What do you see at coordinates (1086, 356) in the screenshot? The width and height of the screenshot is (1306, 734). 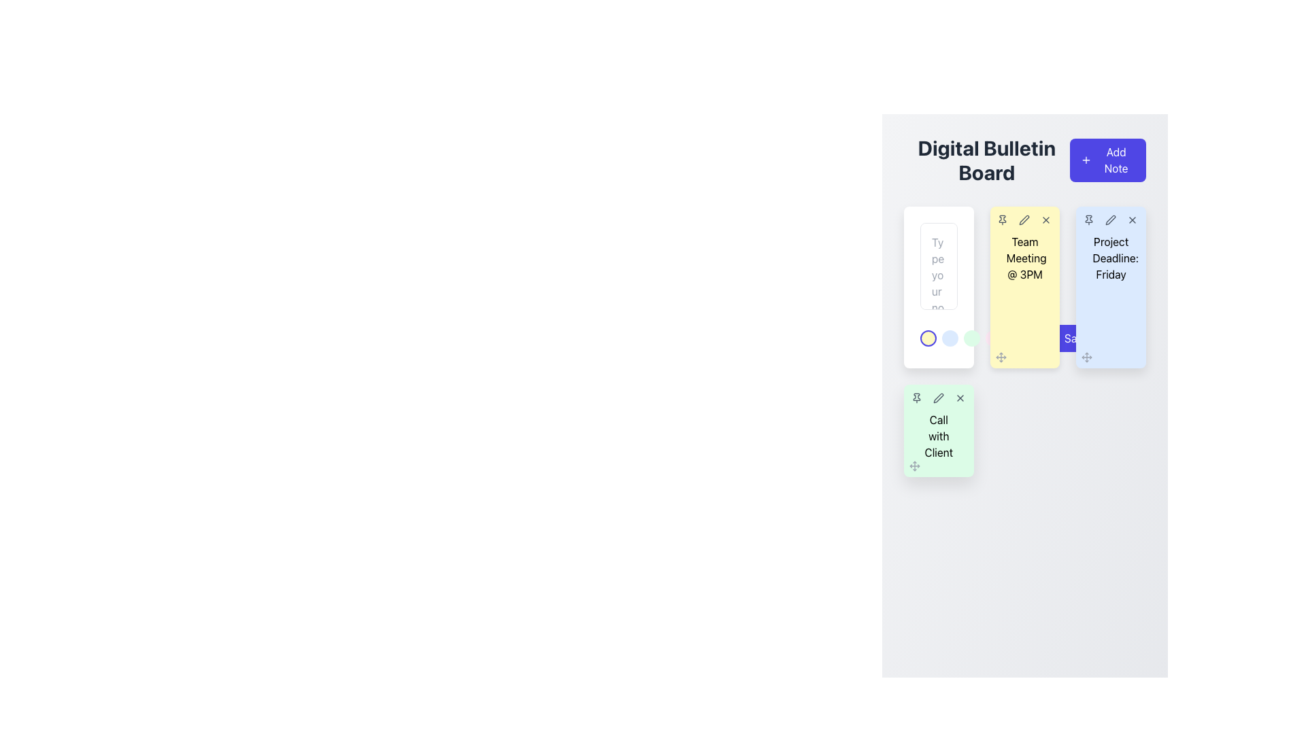 I see `the compact icon resembling four arrows pointing outward, located at the bottom-left corner of the blue card labeled 'Project Deadline: Friday'` at bounding box center [1086, 356].